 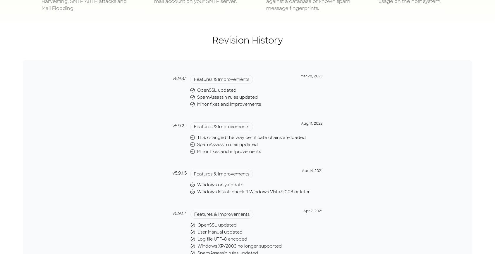 I want to click on 'Company', so click(x=335, y=18).